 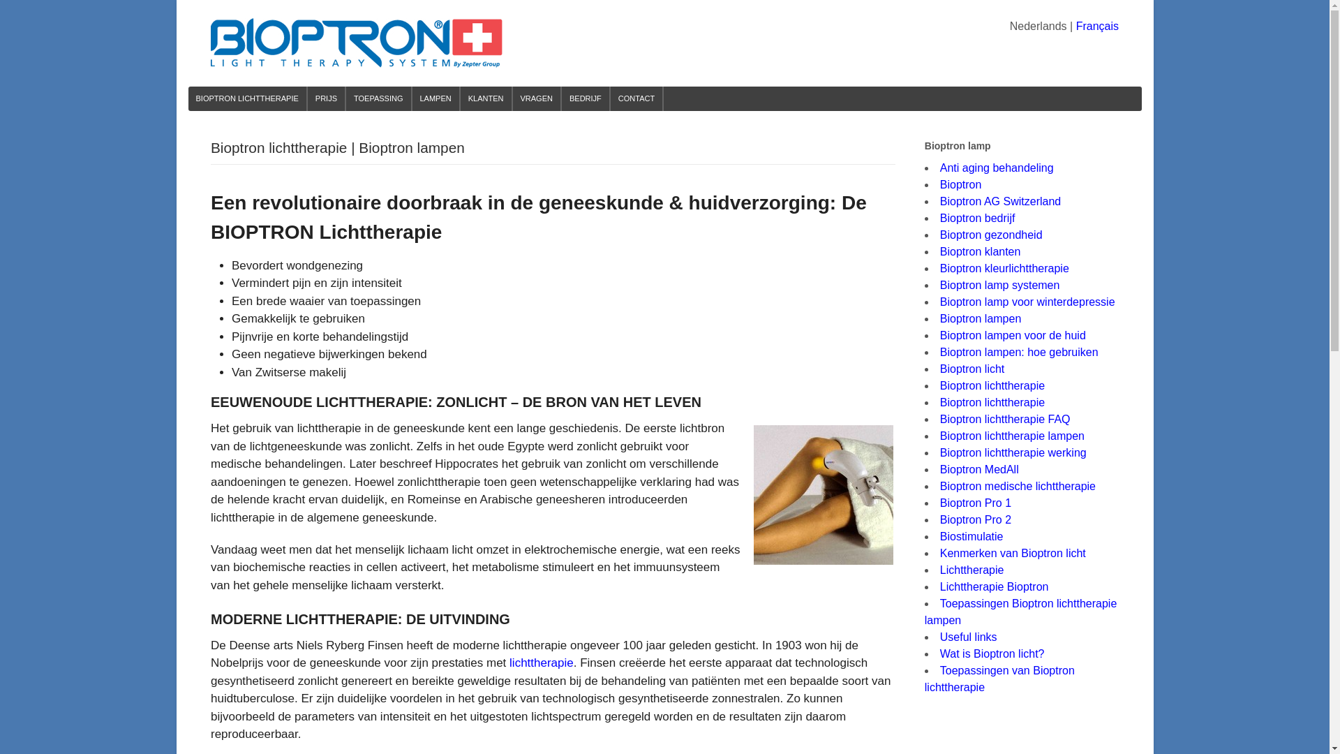 What do you see at coordinates (967, 637) in the screenshot?
I see `'Useful links'` at bounding box center [967, 637].